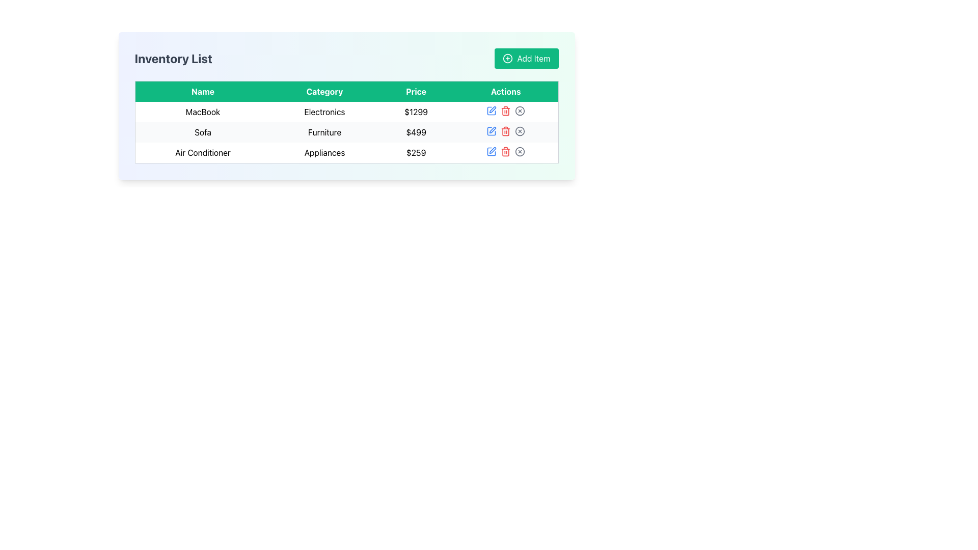  What do you see at coordinates (520, 151) in the screenshot?
I see `the visual state of the circular icon component located in the 'Actions' column of the third row corresponding to the 'Air Conditioner' item` at bounding box center [520, 151].